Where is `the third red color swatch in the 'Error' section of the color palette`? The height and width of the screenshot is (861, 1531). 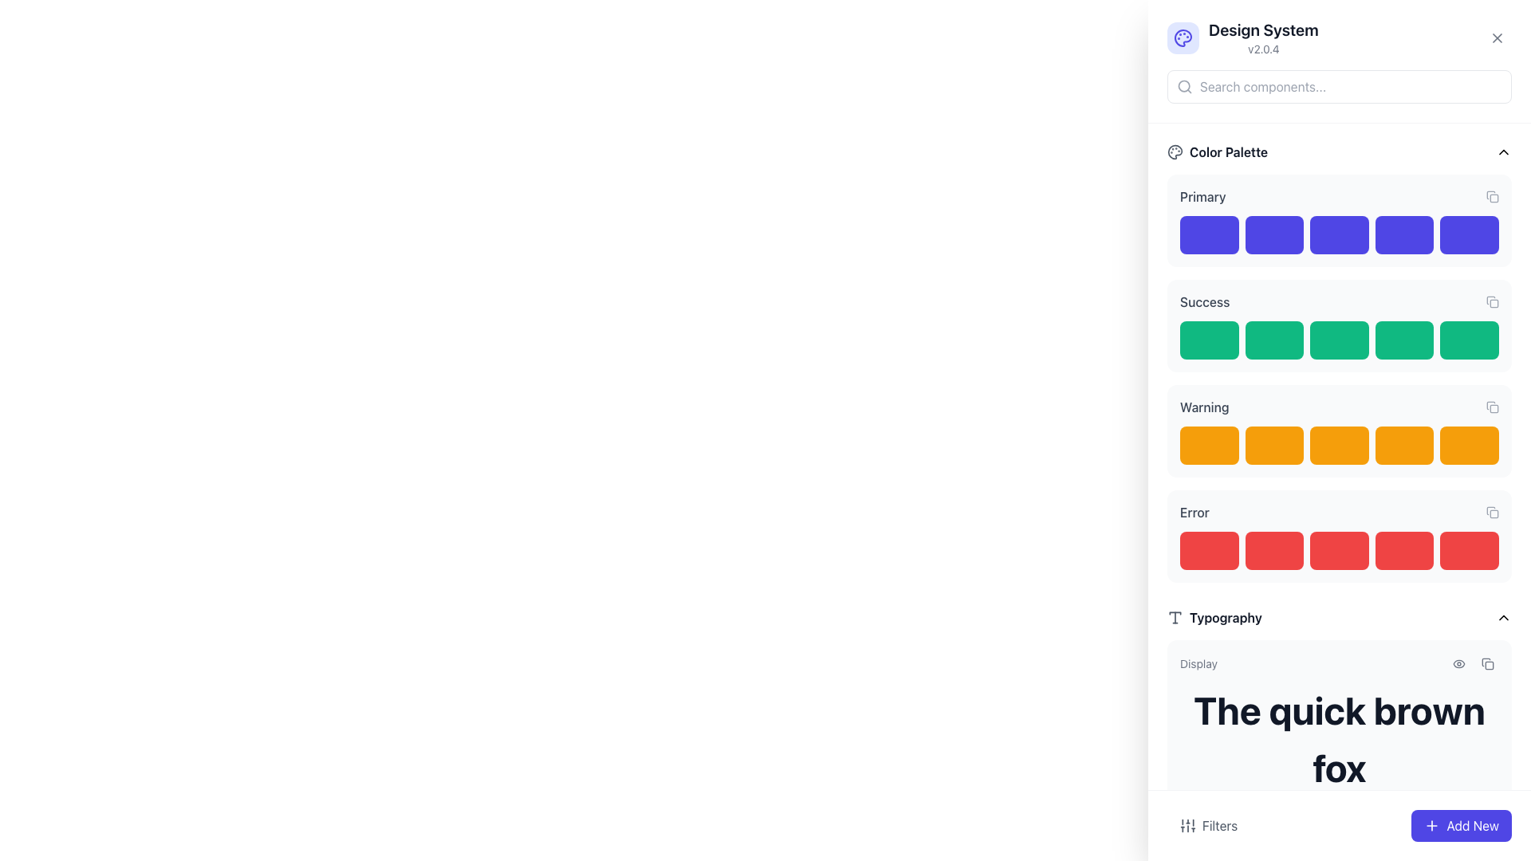
the third red color swatch in the 'Error' section of the color palette is located at coordinates (1340, 549).